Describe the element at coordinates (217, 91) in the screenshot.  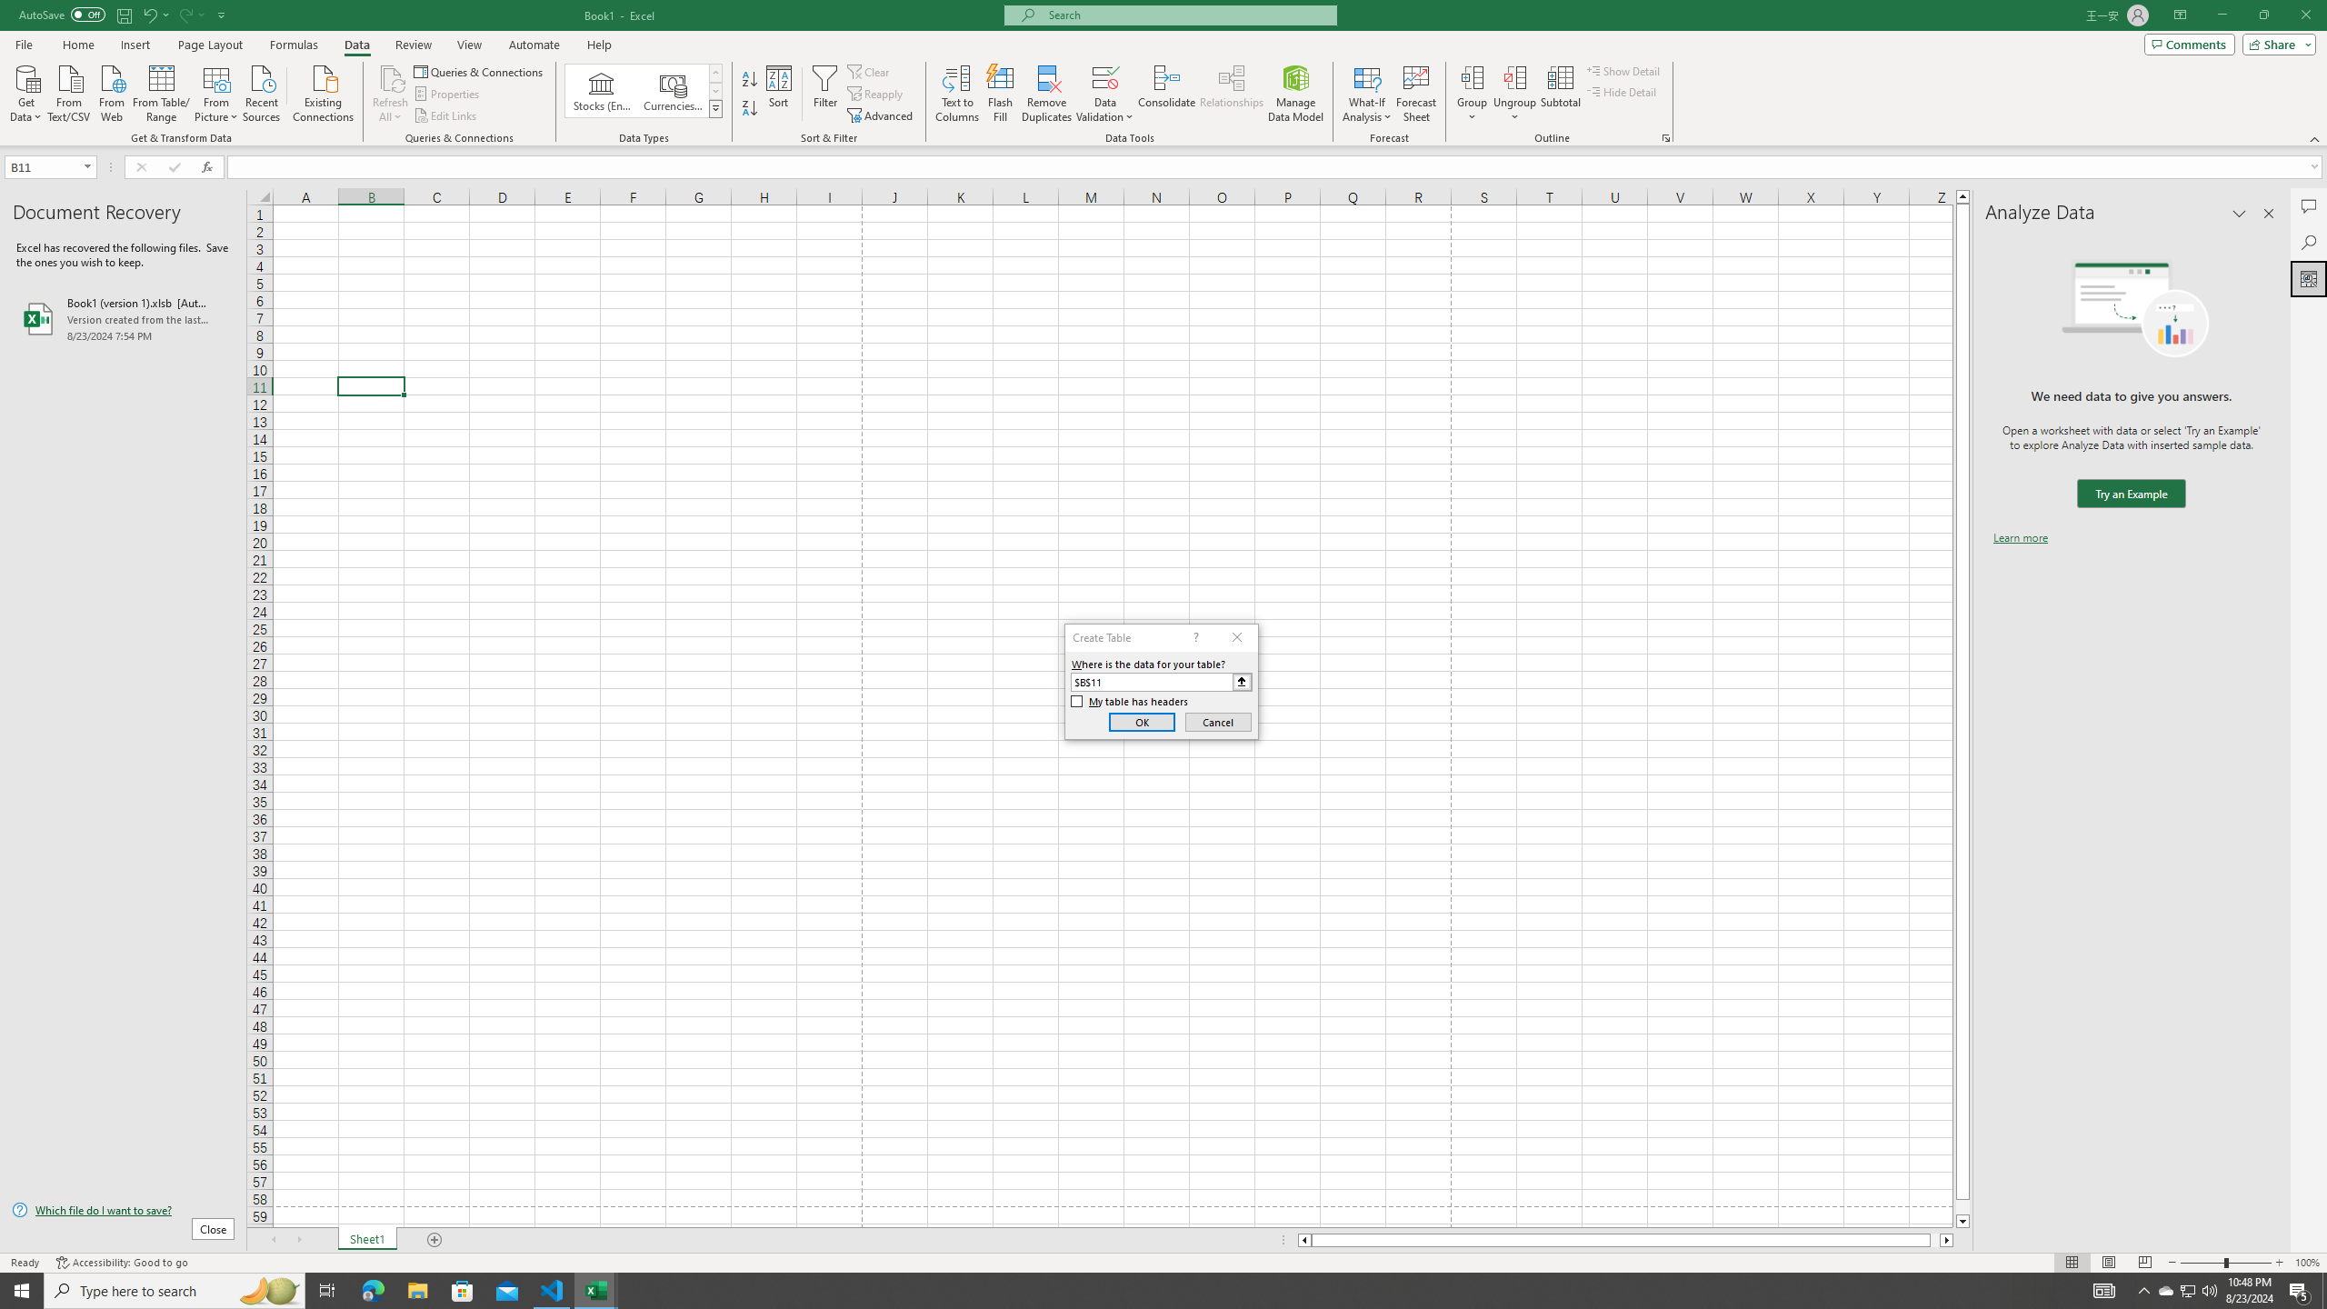
I see `'From Picture'` at that location.